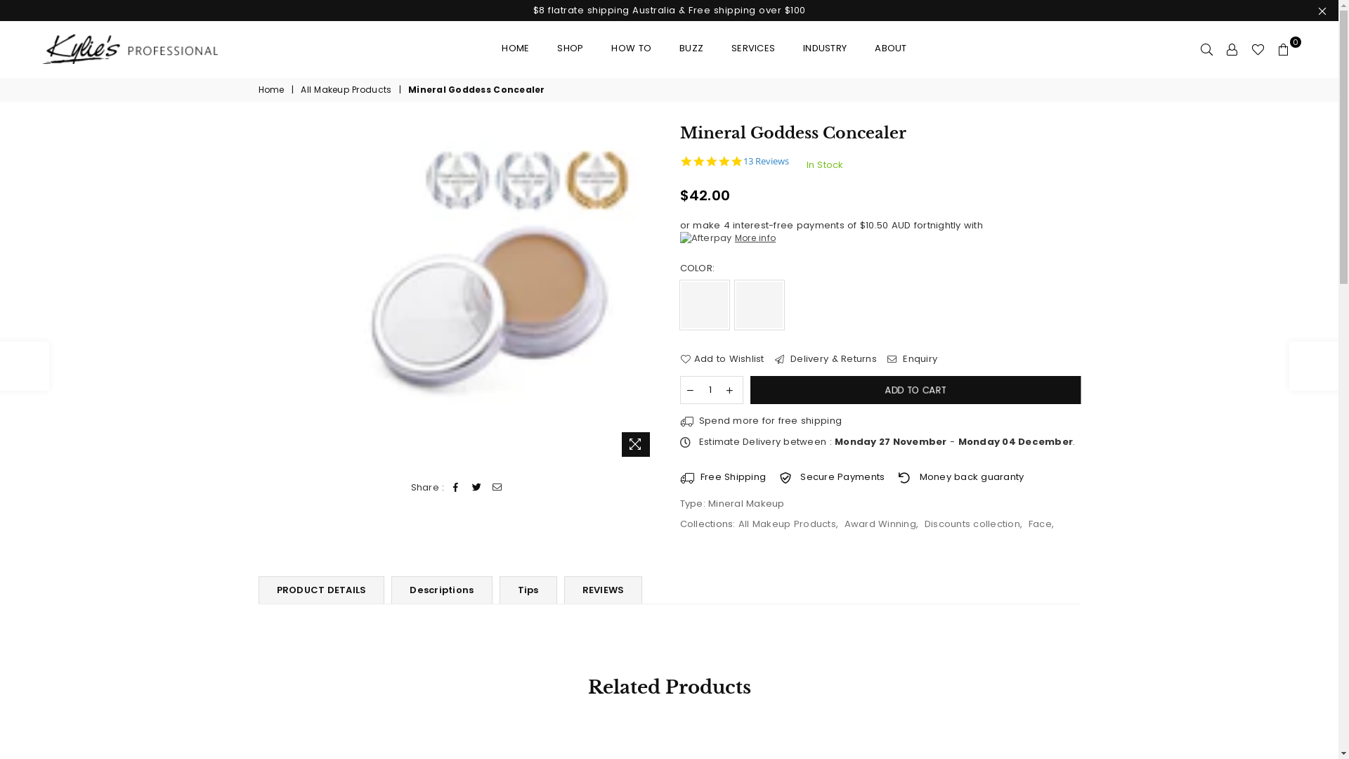 The width and height of the screenshot is (1349, 759). Describe the element at coordinates (971, 524) in the screenshot. I see `'Discounts collection'` at that location.